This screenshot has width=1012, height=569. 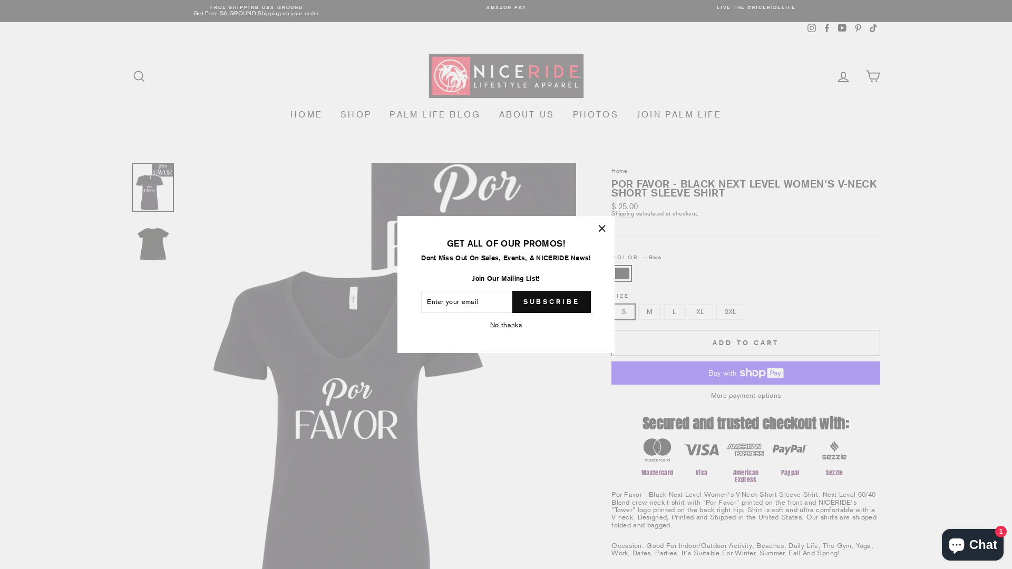 What do you see at coordinates (527, 114) in the screenshot?
I see `'ABOUT US'` at bounding box center [527, 114].